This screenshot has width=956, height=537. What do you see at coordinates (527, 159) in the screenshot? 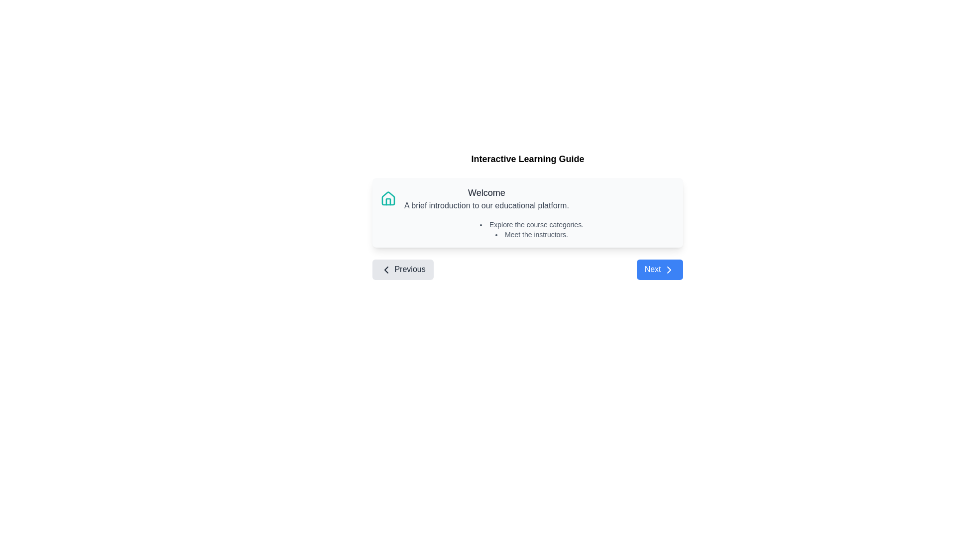
I see `text header that displays 'Interactive Learning Guide', which is a bold, large font centered at the top of the main content section` at bounding box center [527, 159].